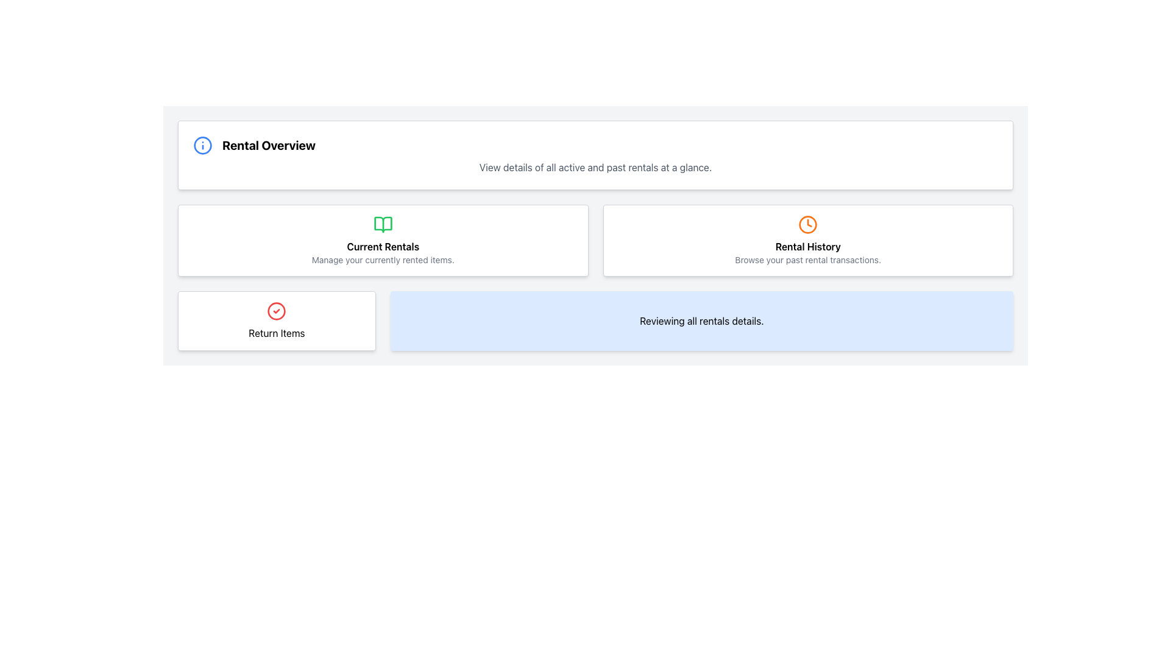  I want to click on the circular blue outlined icon with an information symbol ('i') located to the left of the 'Rental Overview' text for more information, so click(202, 145).